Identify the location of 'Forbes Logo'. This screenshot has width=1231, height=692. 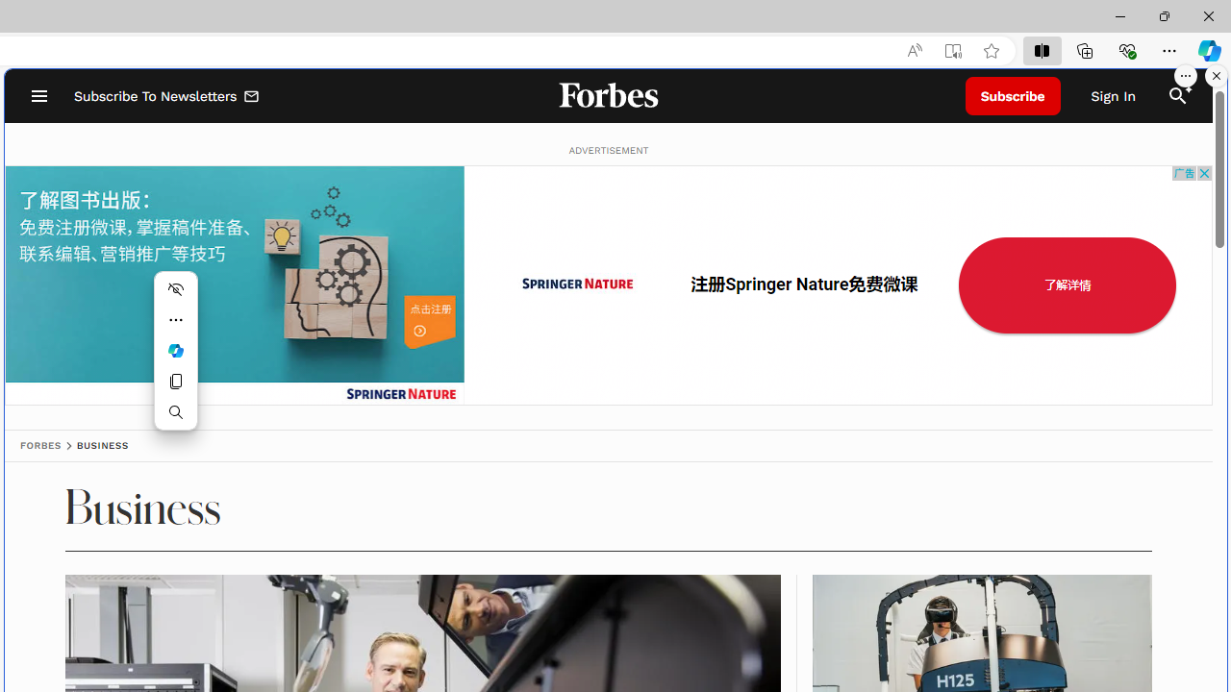
(607, 96).